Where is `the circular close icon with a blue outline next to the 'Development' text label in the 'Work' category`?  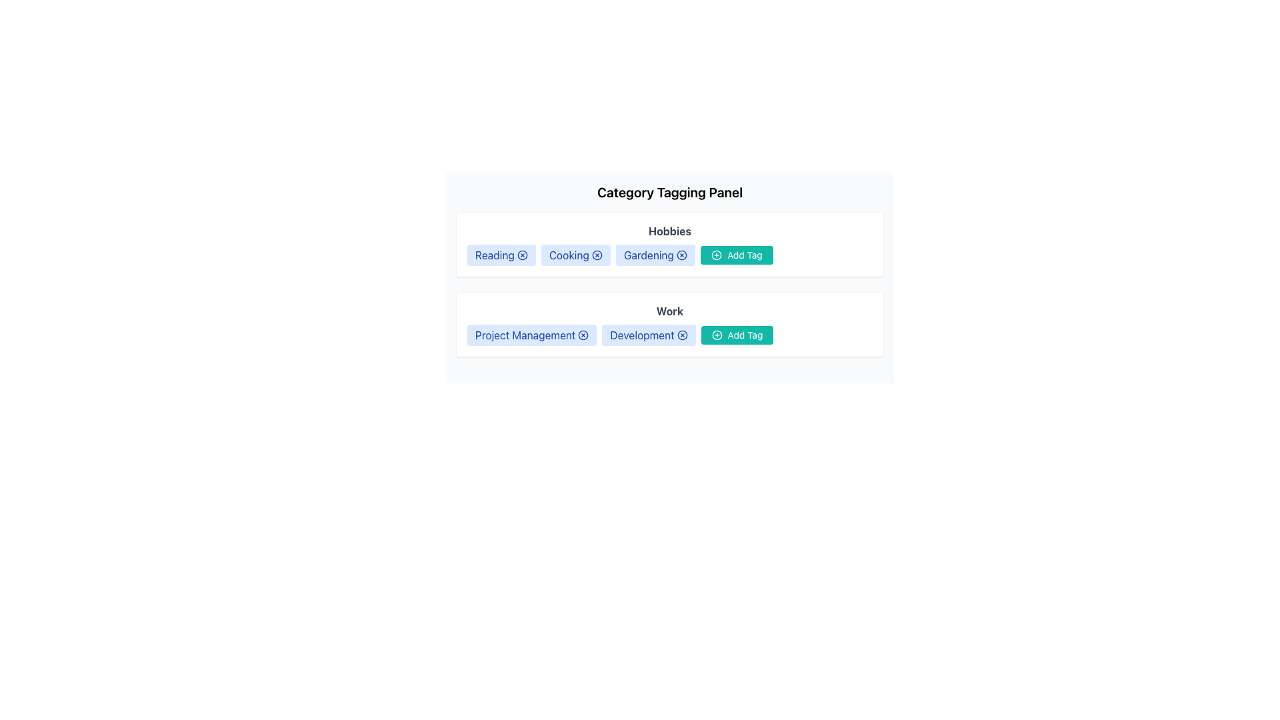 the circular close icon with a blue outline next to the 'Development' text label in the 'Work' category is located at coordinates (682, 334).